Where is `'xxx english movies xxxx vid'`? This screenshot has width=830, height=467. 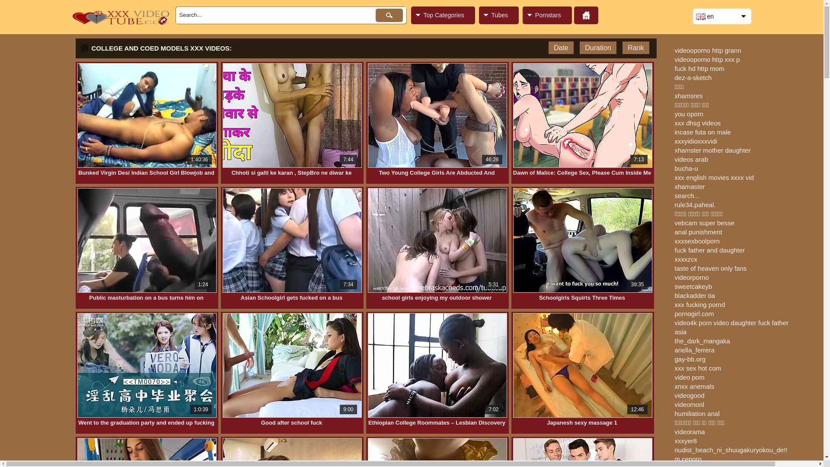
'xxx english movies xxxx vid' is located at coordinates (674, 177).